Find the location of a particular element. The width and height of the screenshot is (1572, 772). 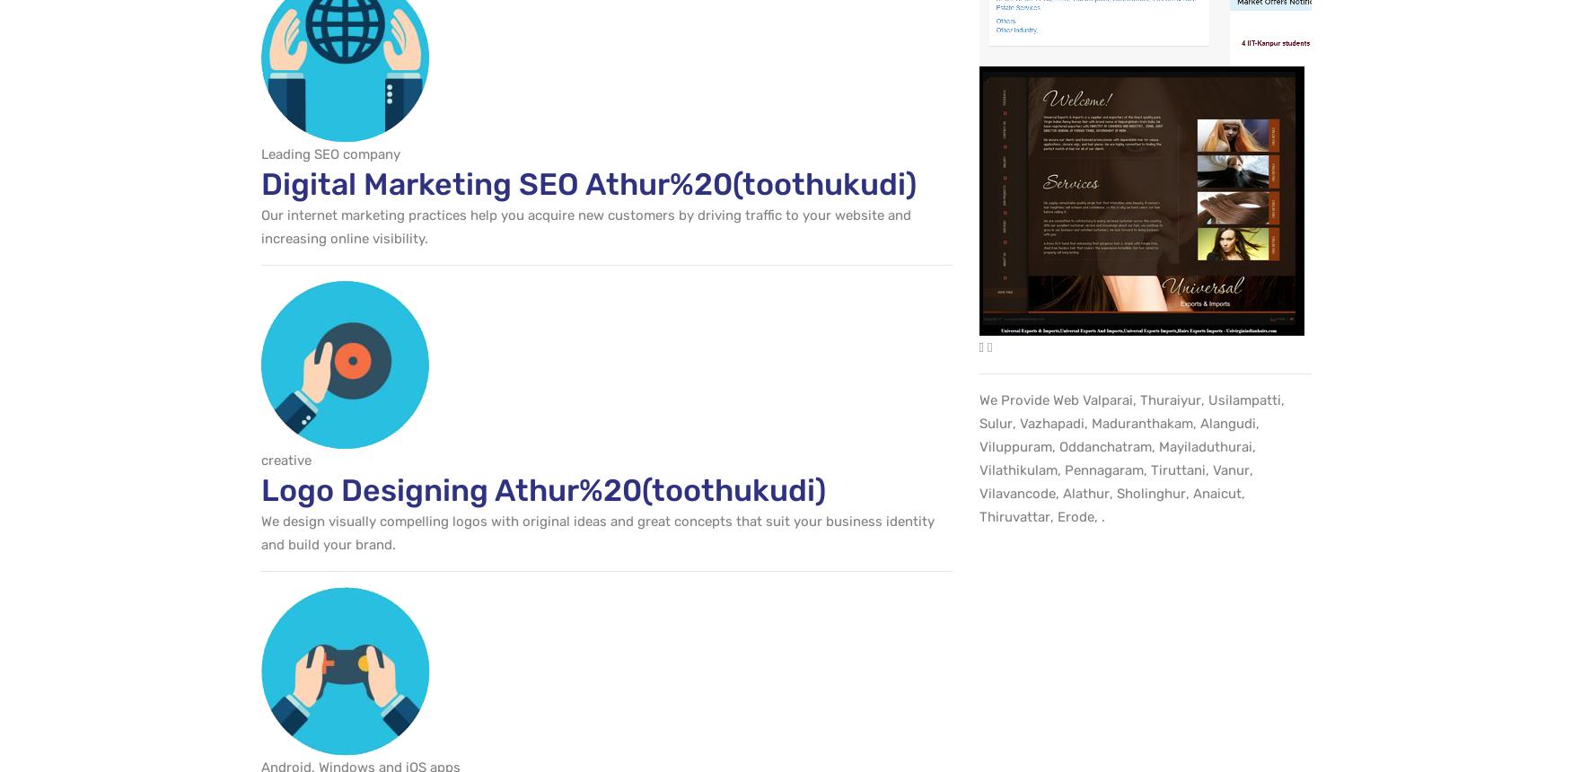

'Sholinghur' is located at coordinates (1116, 493).